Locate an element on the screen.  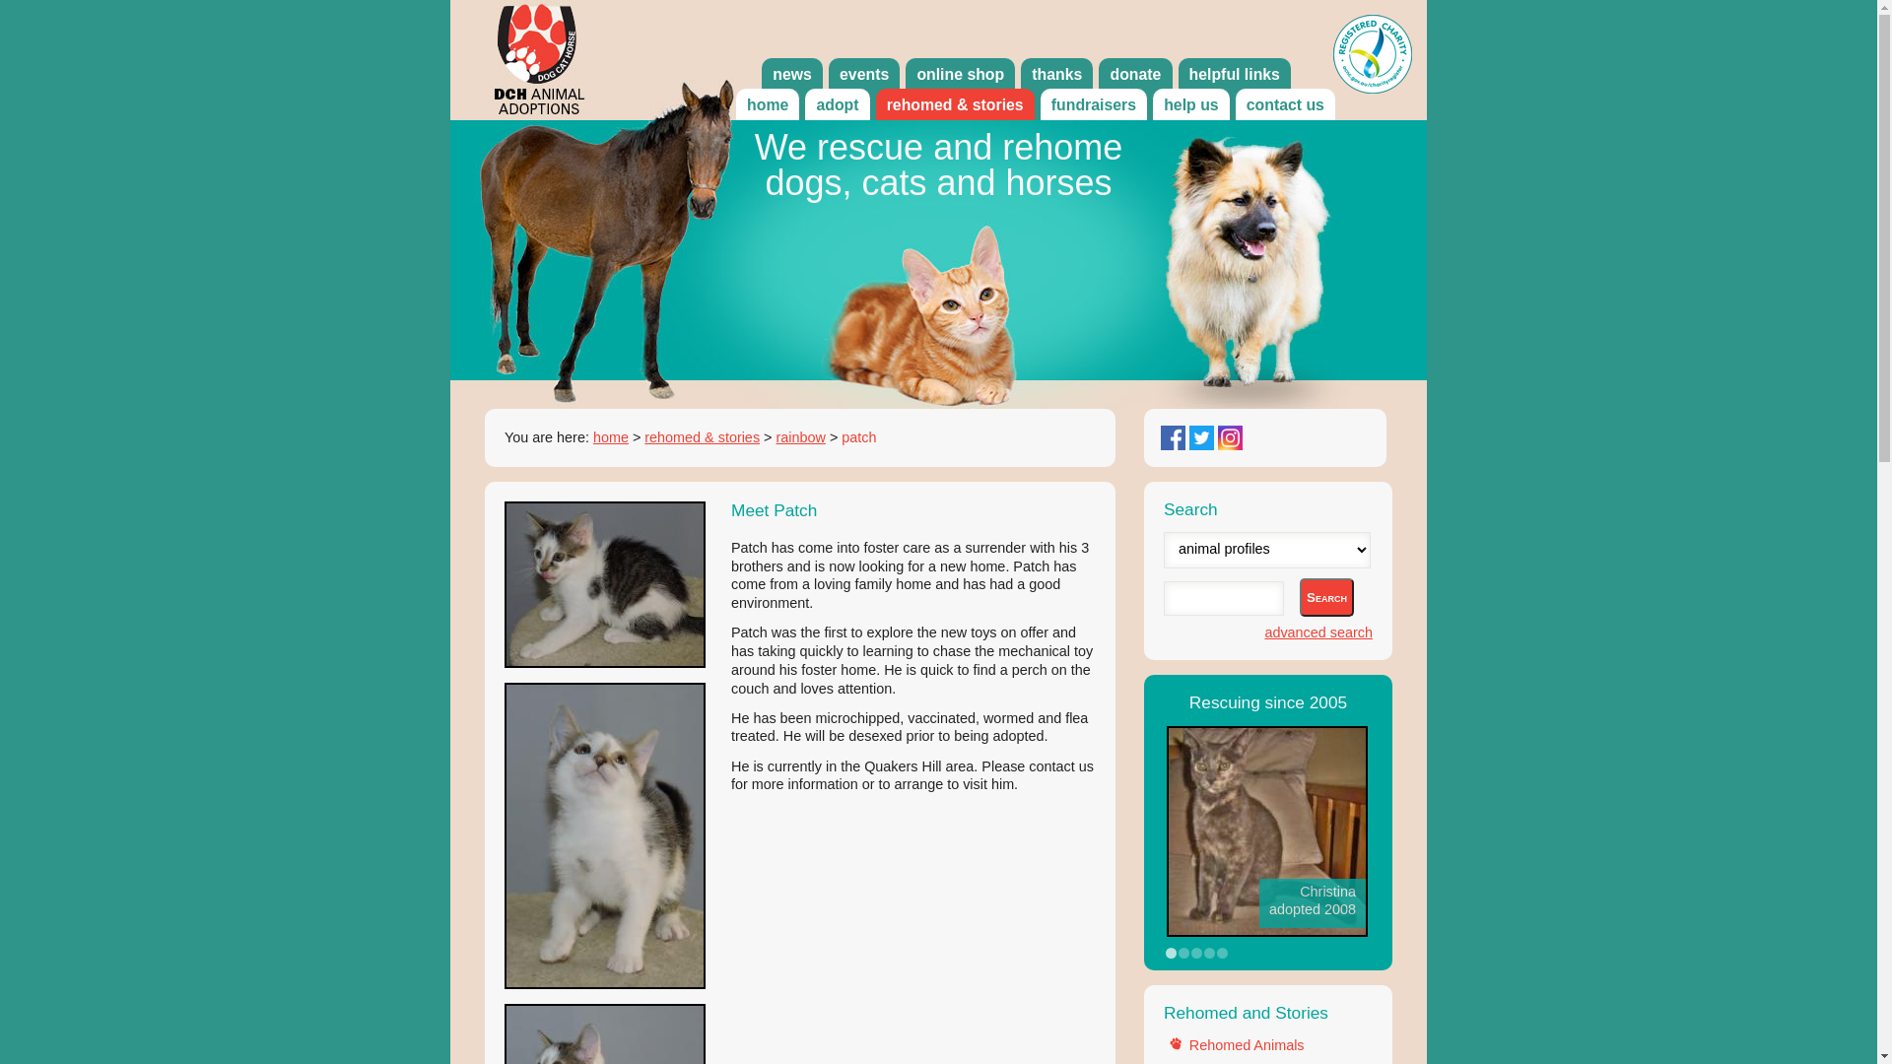
'rehomed & stories' is located at coordinates (874, 105).